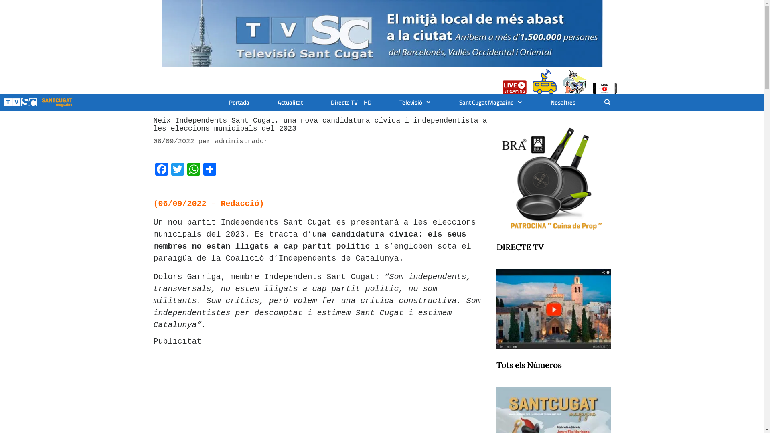 This screenshot has height=433, width=770. I want to click on 'Actualitat', so click(290, 102).